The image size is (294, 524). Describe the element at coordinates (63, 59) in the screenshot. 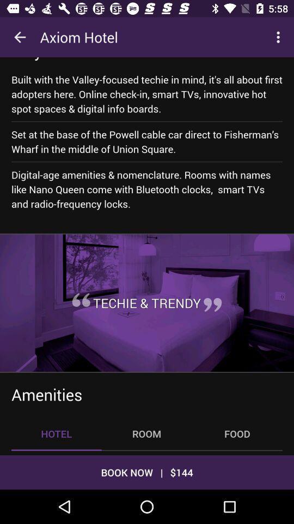

I see `the item above built with the icon` at that location.